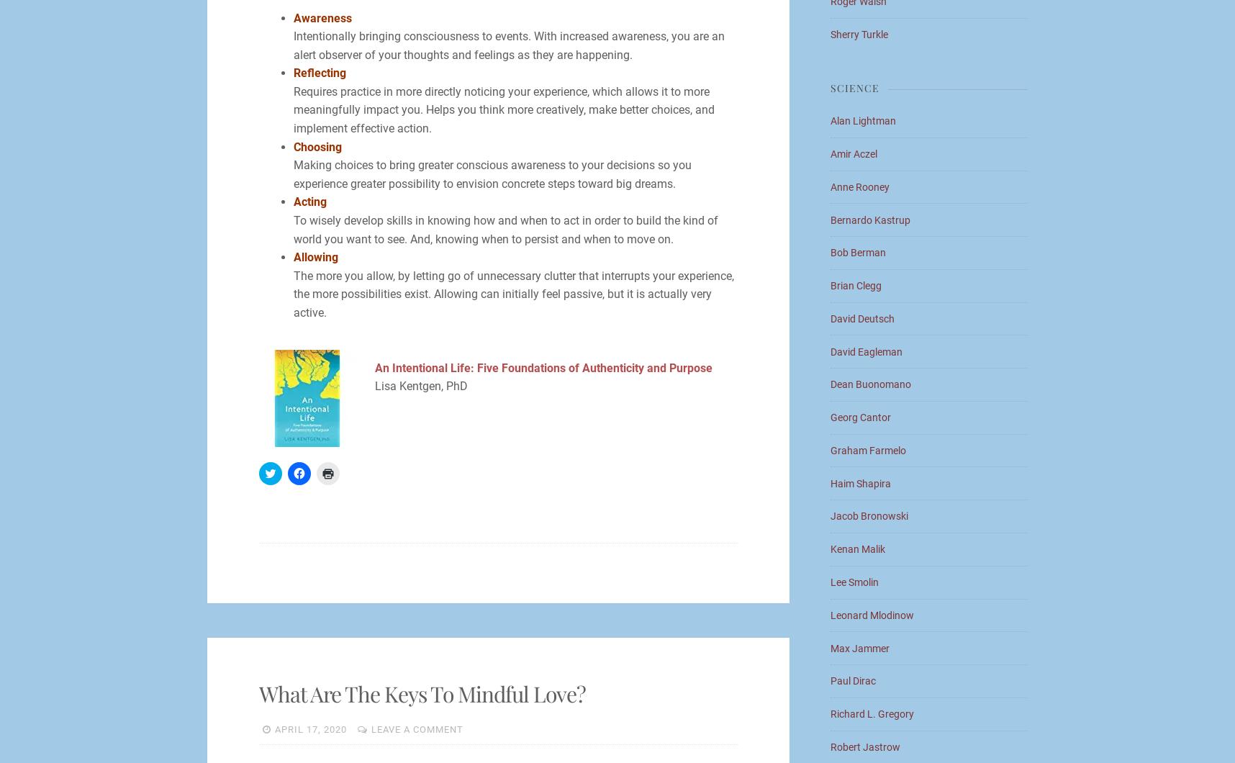 This screenshot has height=763, width=1235. I want to click on 'Max Jammer', so click(860, 648).